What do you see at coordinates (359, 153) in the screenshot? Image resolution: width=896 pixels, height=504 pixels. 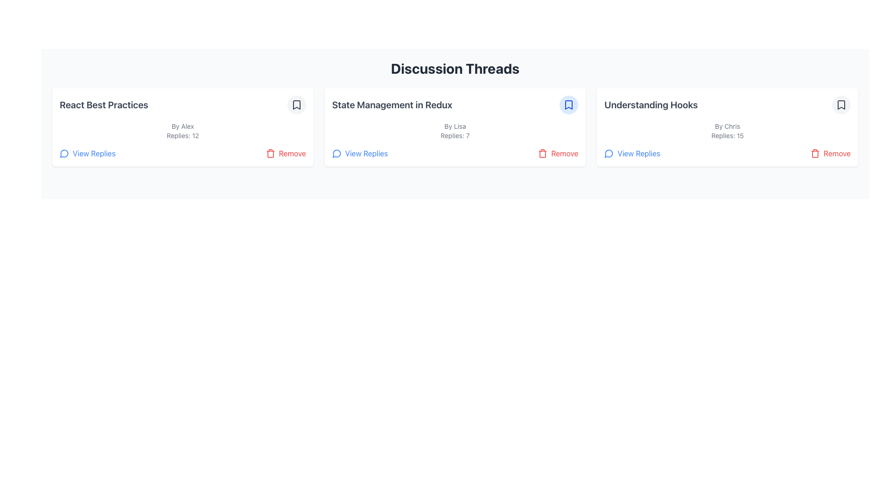 I see `the button with text and icon located in the bottom-left corner of the middle card under the 'Discussion Threads' section` at bounding box center [359, 153].